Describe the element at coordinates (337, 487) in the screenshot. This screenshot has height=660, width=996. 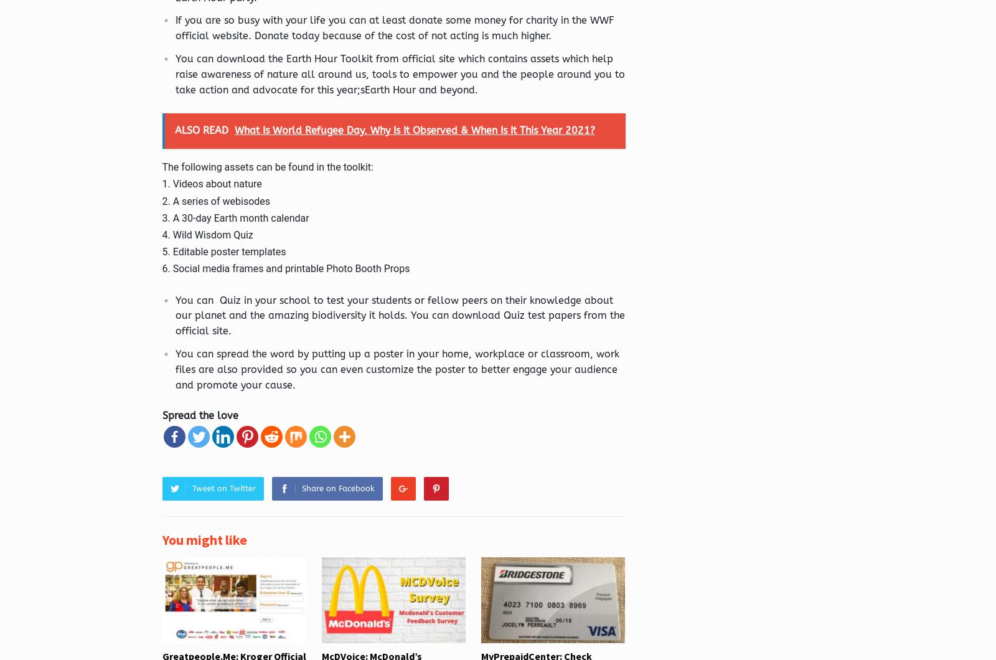
I see `'Share on Facebook'` at that location.